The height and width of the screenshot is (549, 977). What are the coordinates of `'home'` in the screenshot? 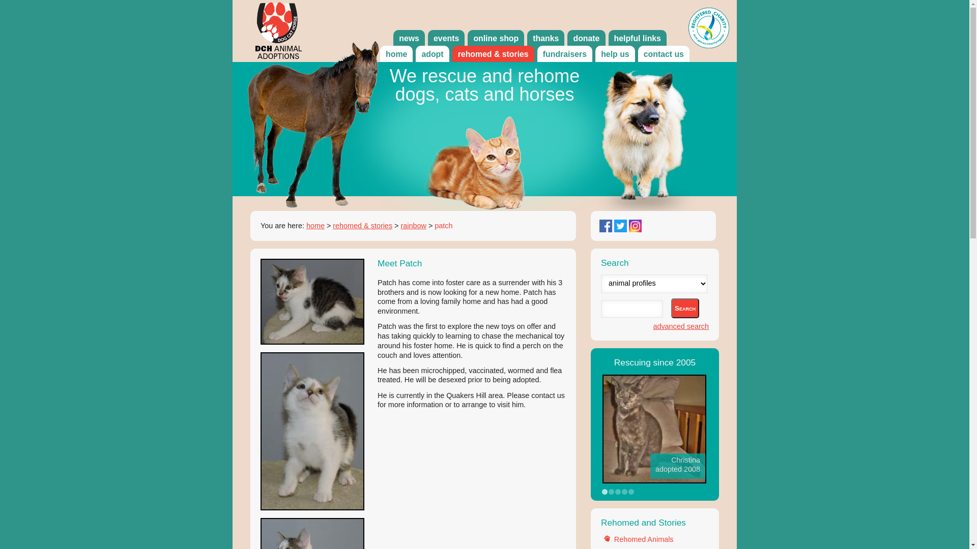 It's located at (314, 225).